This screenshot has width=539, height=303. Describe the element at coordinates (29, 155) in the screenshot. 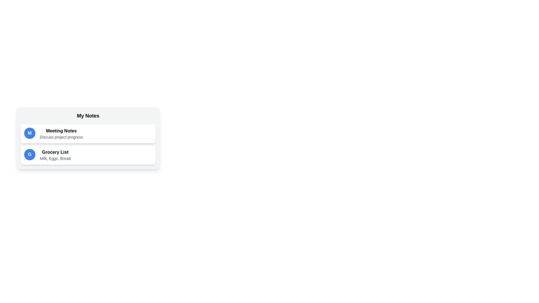

I see `the icon with the initial G to highlight the corresponding note` at that location.